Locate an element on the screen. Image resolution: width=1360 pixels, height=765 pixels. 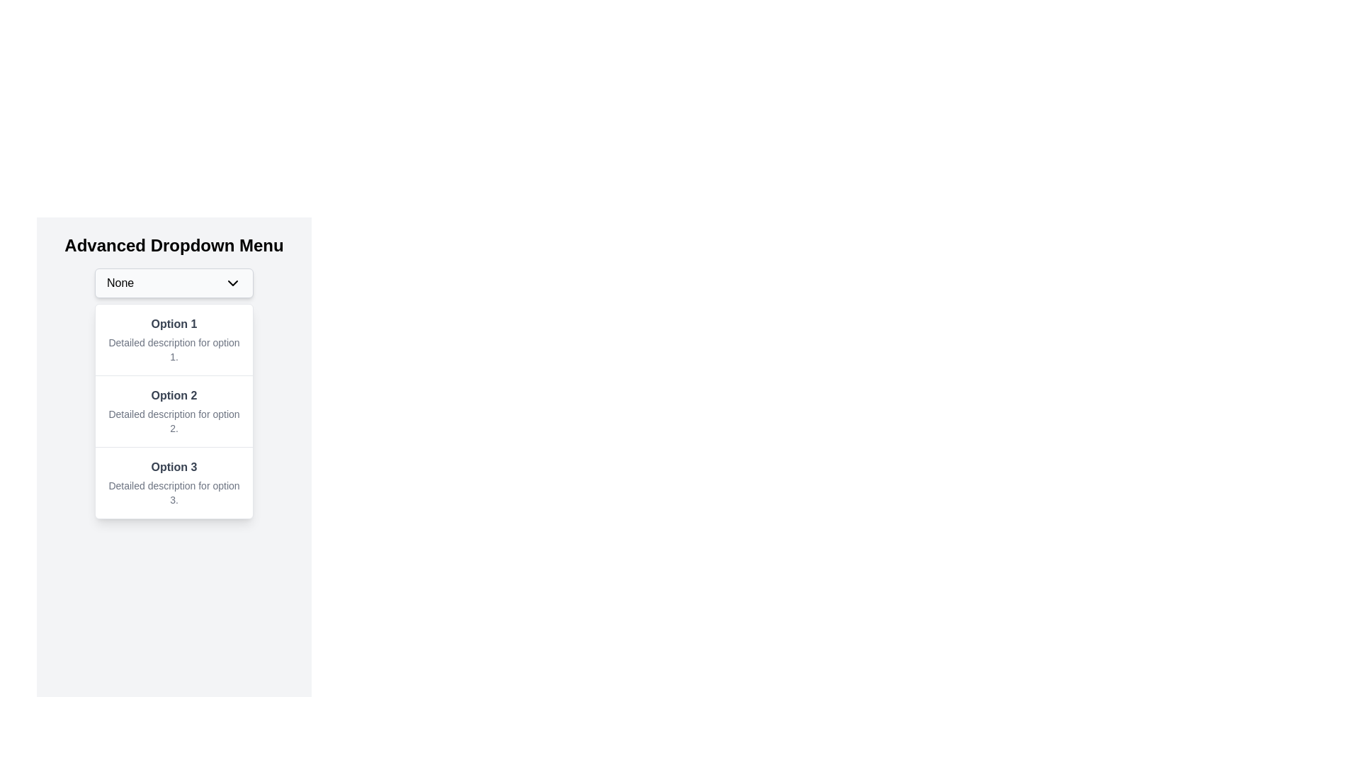
the second selectable item in the dropdown menu that provides information about 'Option 2', located between 'Option 1' and 'Option 3' is located at coordinates (173, 410).